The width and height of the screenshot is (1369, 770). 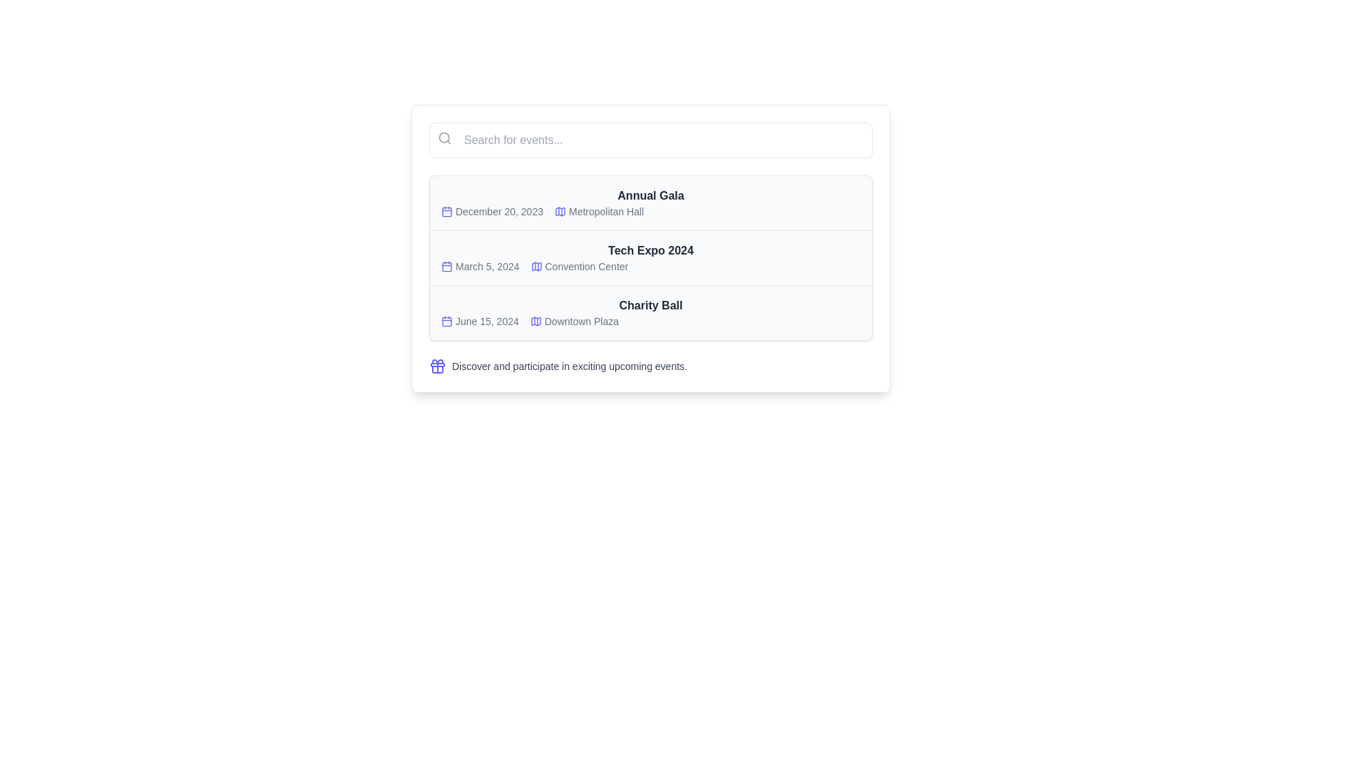 What do you see at coordinates (650, 212) in the screenshot?
I see `the details of the text displaying the event date and location for the 'Annual Gala', which is positioned below the title in the top left quadrant of the interface` at bounding box center [650, 212].